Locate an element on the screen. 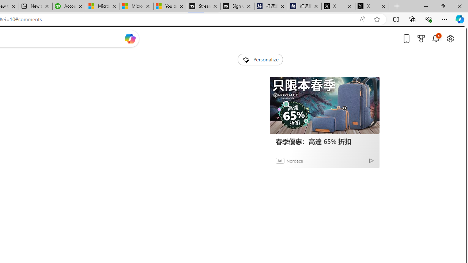 This screenshot has width=468, height=263. 'Open settings' is located at coordinates (450, 38).